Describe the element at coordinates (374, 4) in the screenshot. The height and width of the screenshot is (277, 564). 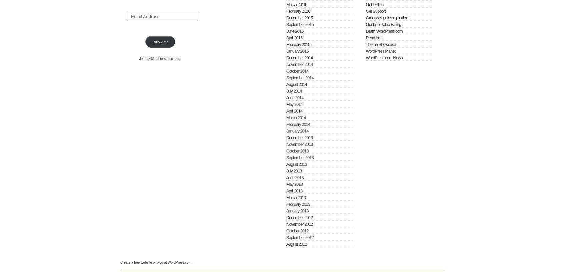
I see `'Get Polling'` at that location.